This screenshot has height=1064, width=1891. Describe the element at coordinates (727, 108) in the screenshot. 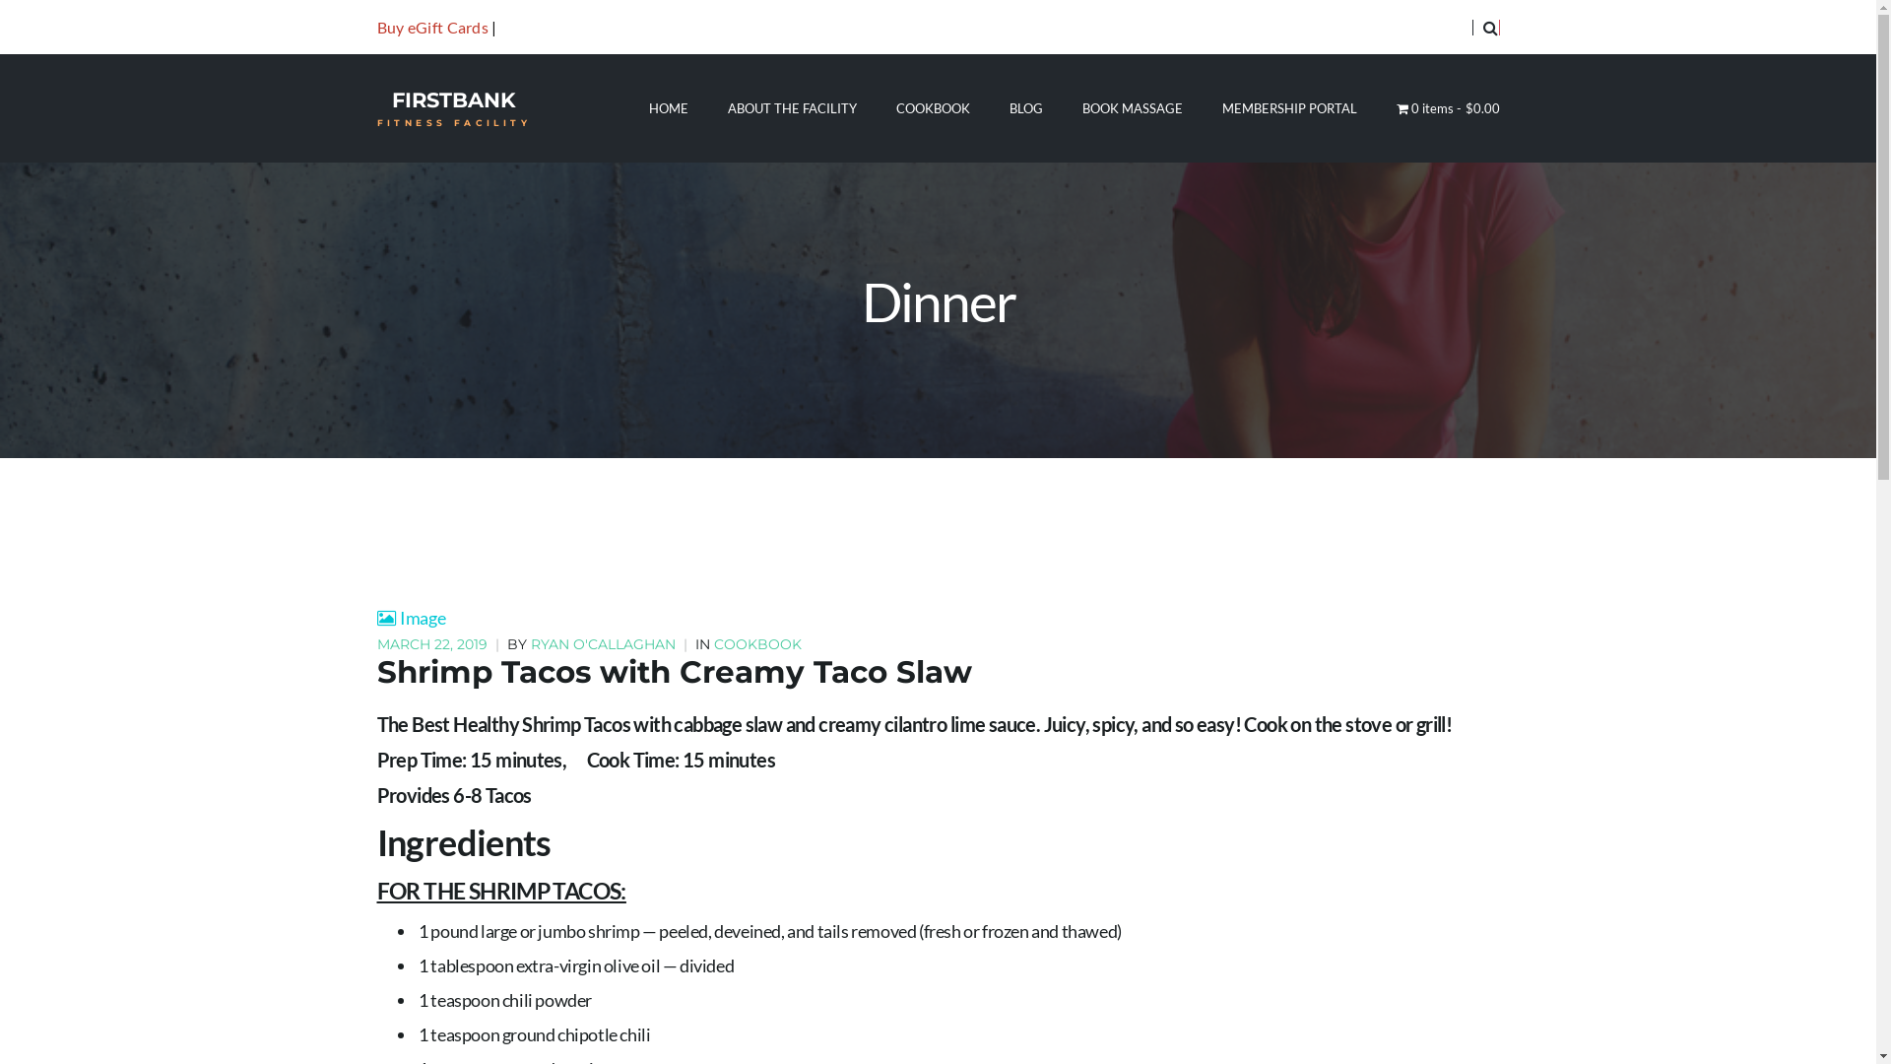

I see `'ABOUT THE FACILITY'` at that location.